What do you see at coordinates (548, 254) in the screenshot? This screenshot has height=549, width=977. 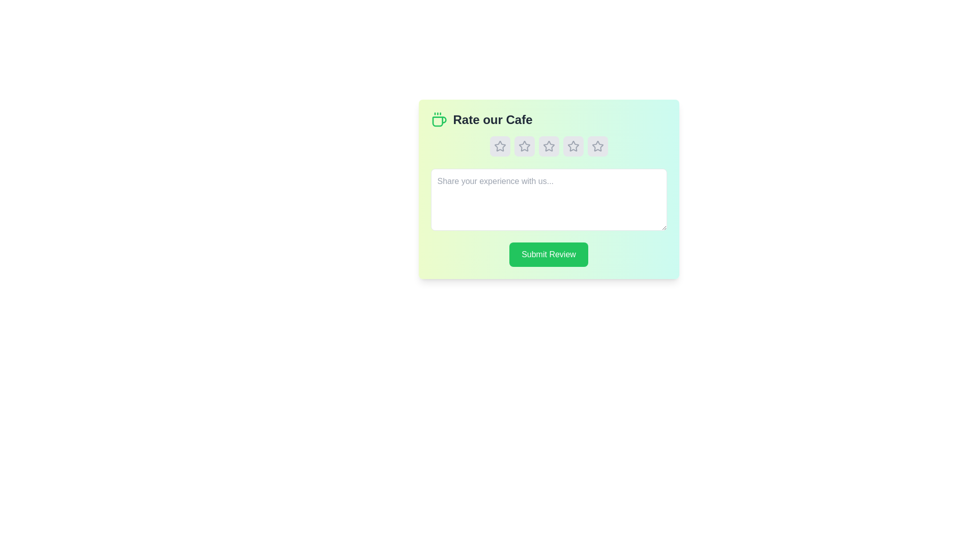 I see `the 'Submit Review' button to submit the feedback` at bounding box center [548, 254].